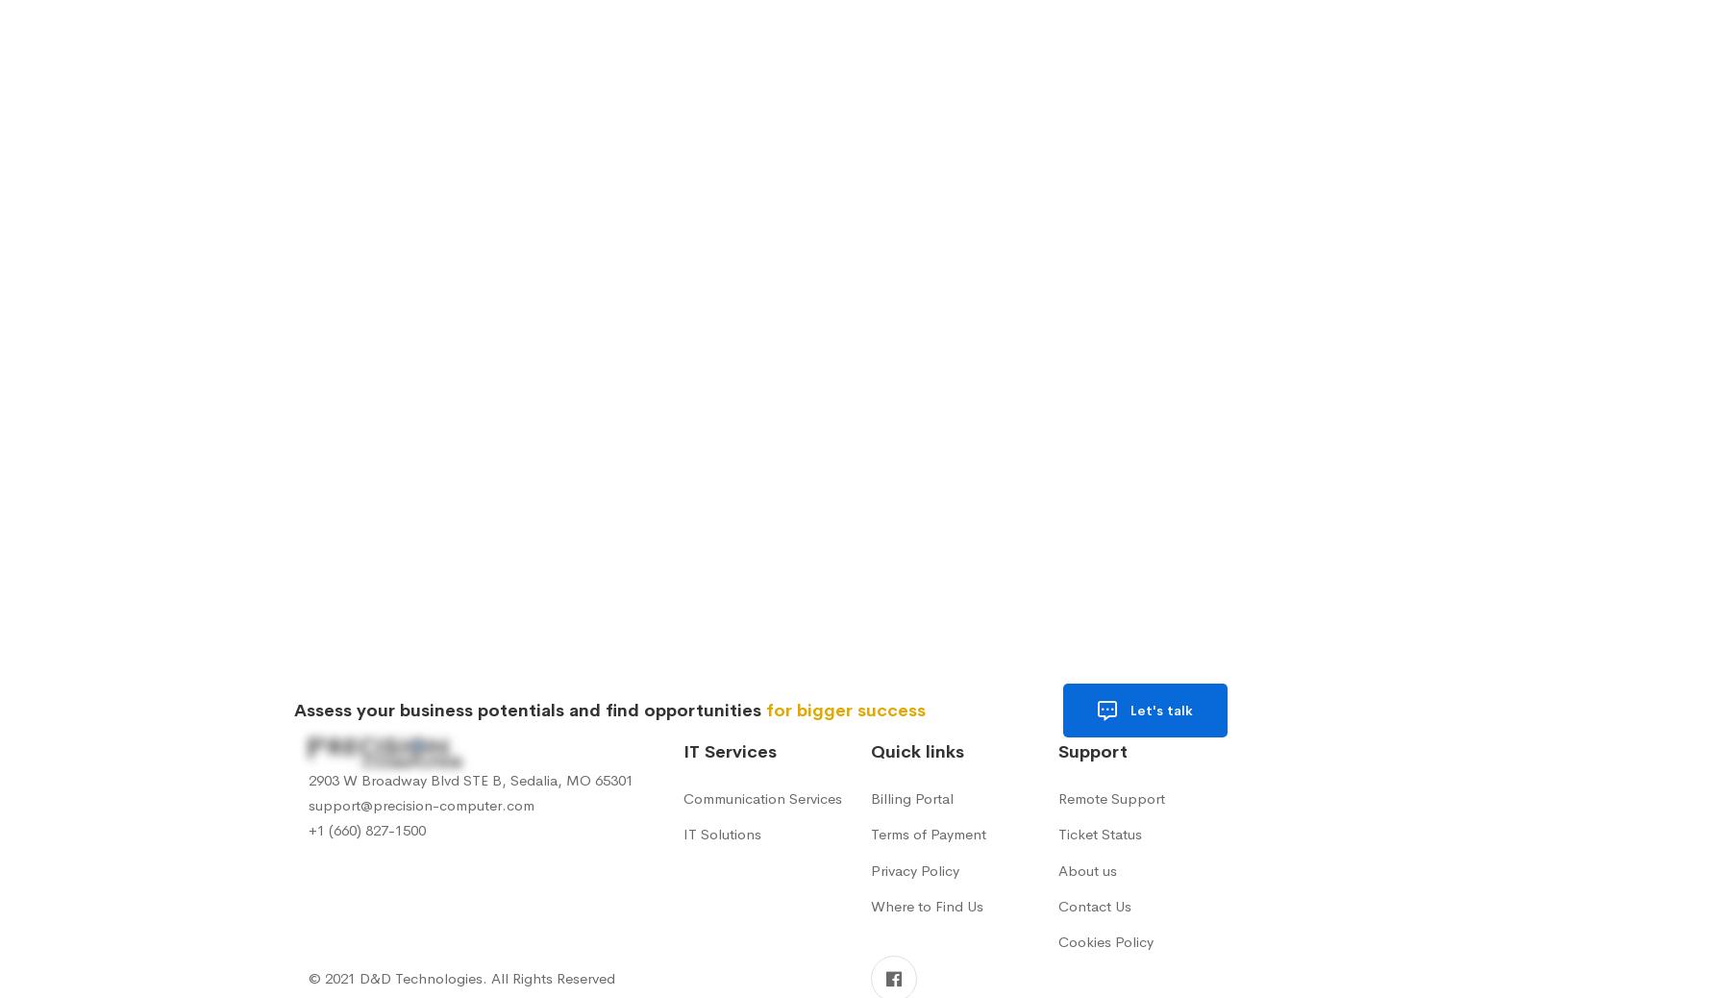 The image size is (1713, 998). Describe the element at coordinates (722, 834) in the screenshot. I see `'IT Solutions'` at that location.